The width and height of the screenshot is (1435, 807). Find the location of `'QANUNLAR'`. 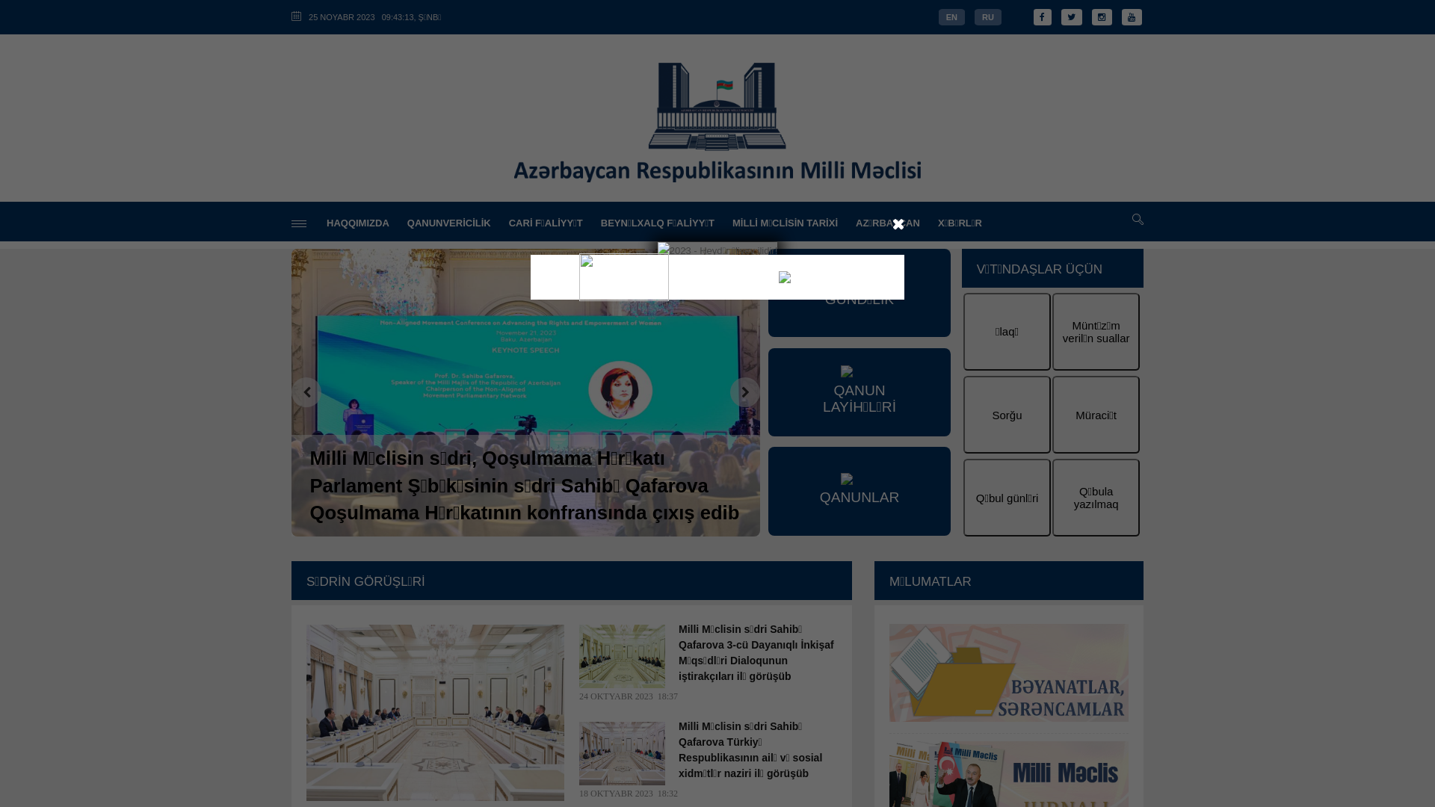

'QANUNLAR' is located at coordinates (859, 490).